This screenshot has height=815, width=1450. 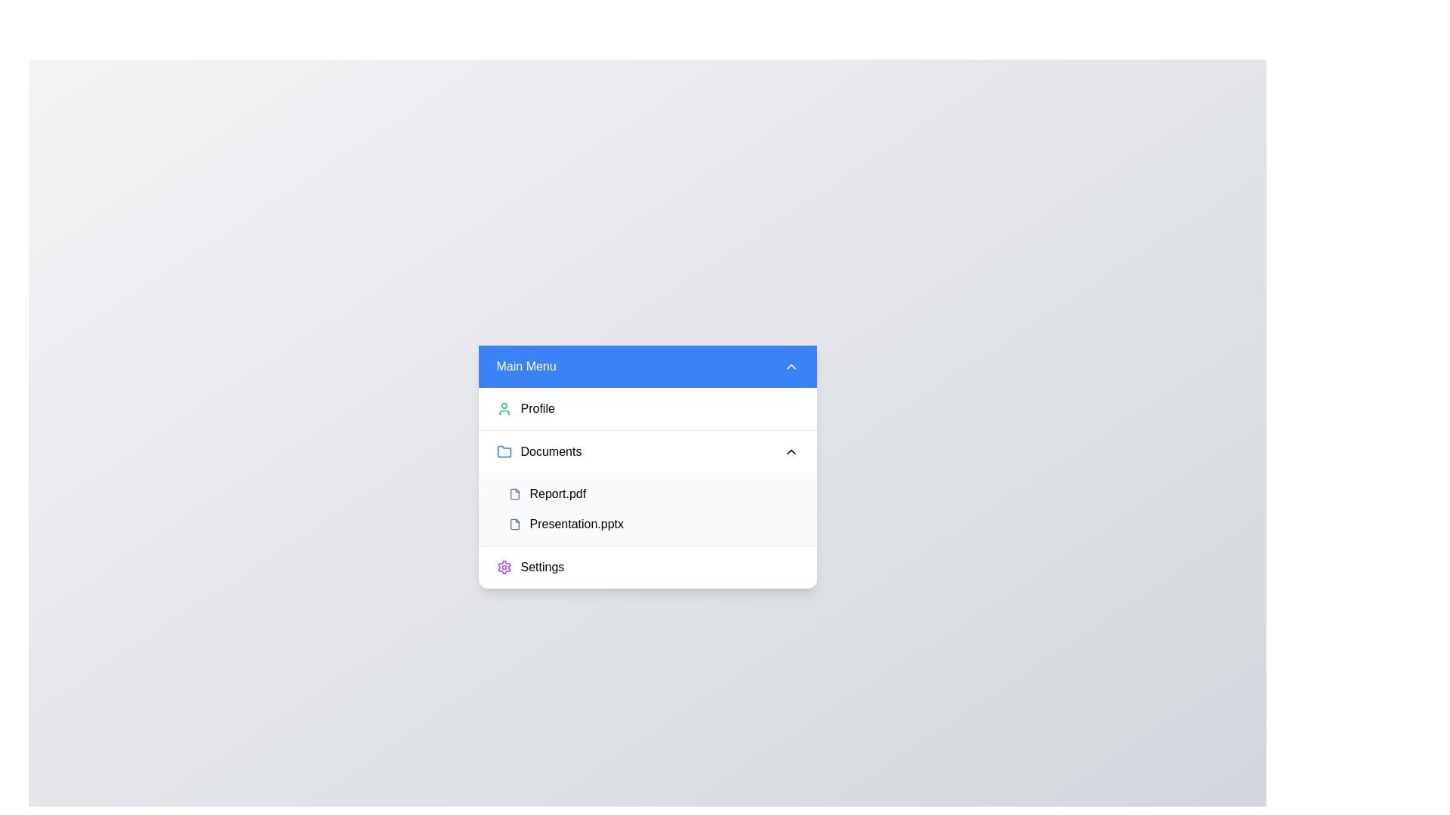 I want to click on the 'Documents' icon located to the left of the 'Documents' text in the dropdown menu titled 'Main Menu', so click(x=504, y=451).